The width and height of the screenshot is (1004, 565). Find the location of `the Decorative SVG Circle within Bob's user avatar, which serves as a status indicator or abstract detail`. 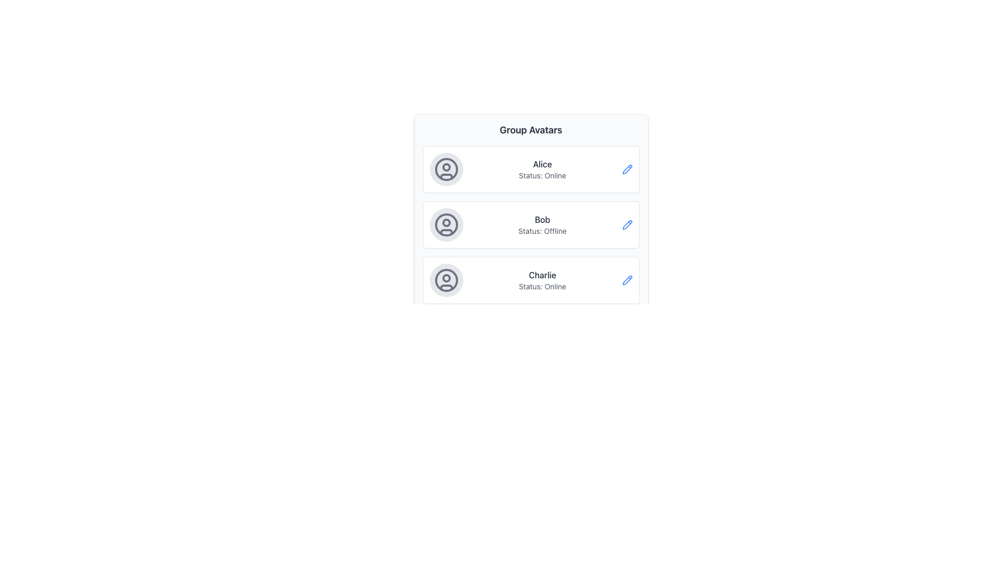

the Decorative SVG Circle within Bob's user avatar, which serves as a status indicator or abstract detail is located at coordinates (446, 222).